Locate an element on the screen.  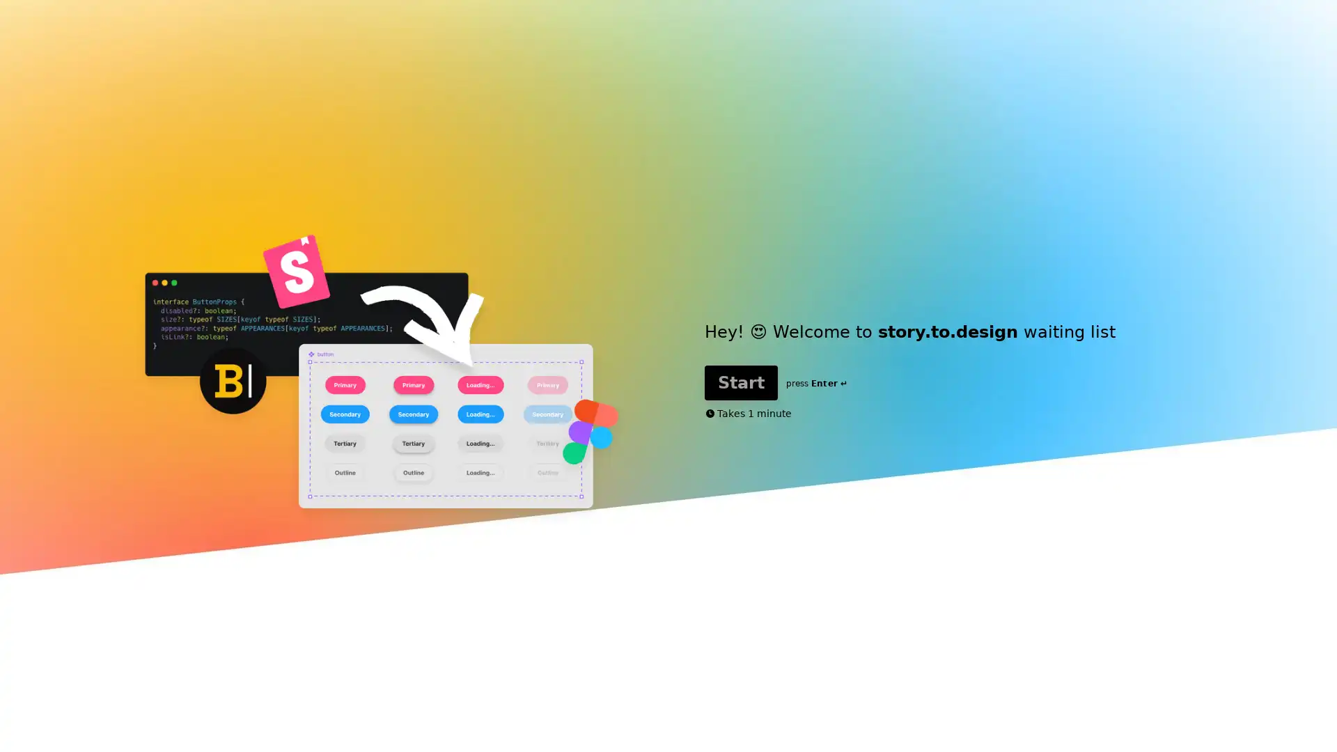
Start is located at coordinates (740, 382).